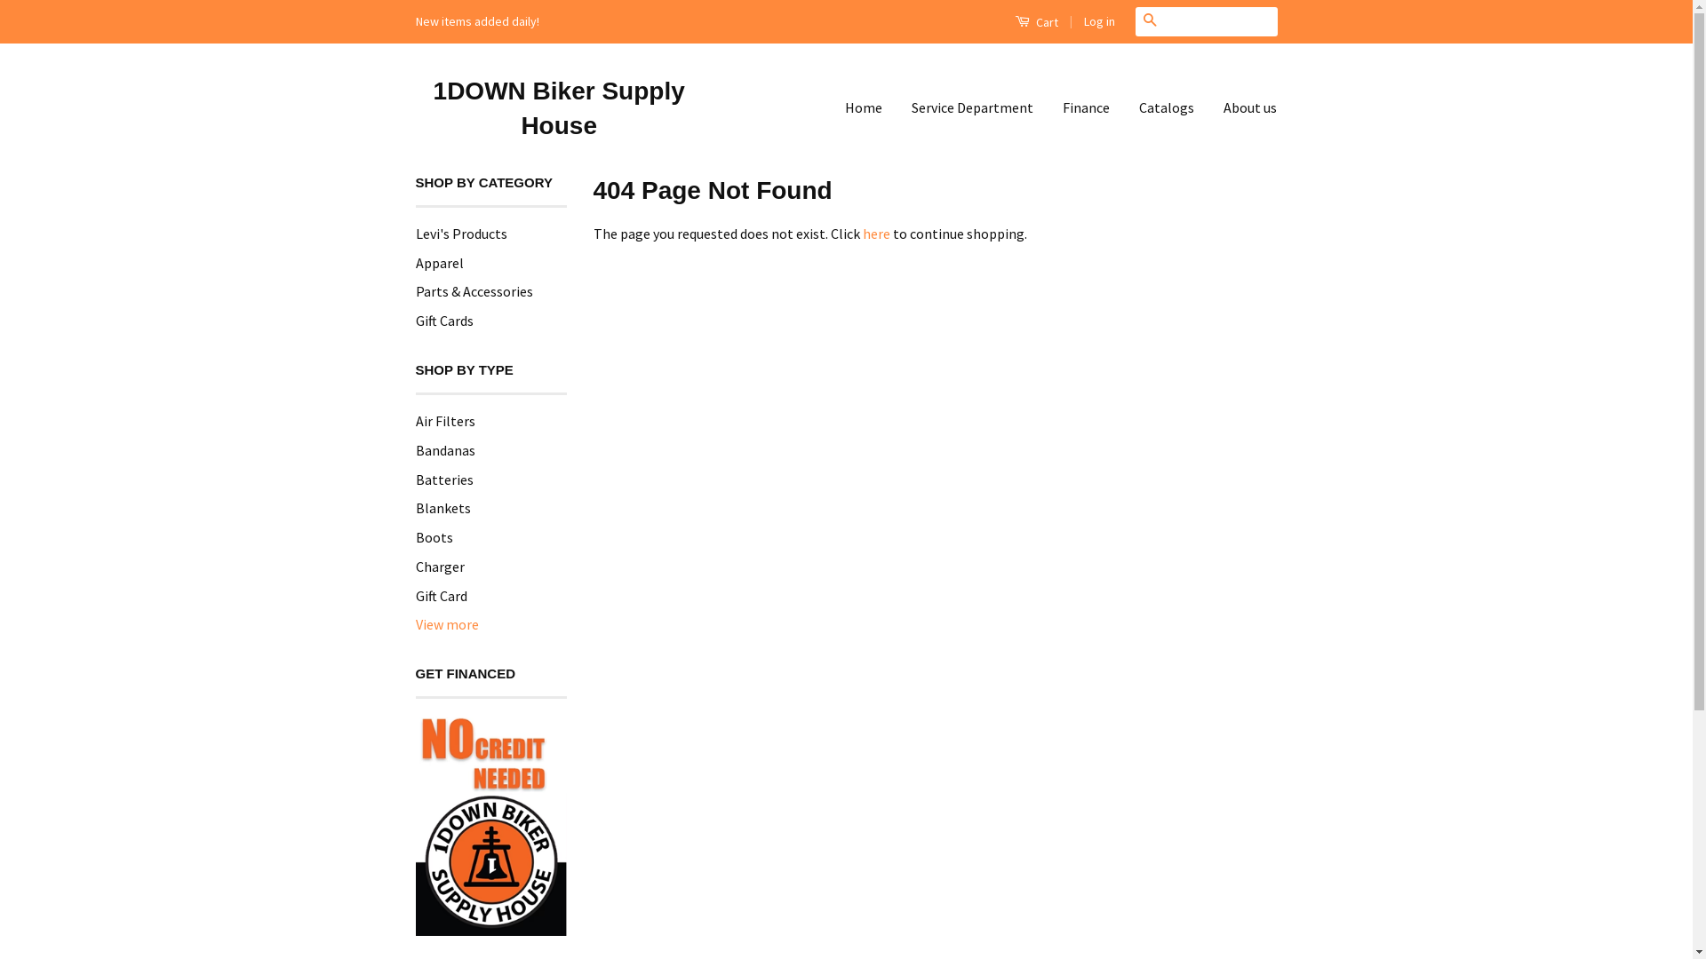 This screenshot has width=1706, height=959. Describe the element at coordinates (875, 232) in the screenshot. I see `'here'` at that location.